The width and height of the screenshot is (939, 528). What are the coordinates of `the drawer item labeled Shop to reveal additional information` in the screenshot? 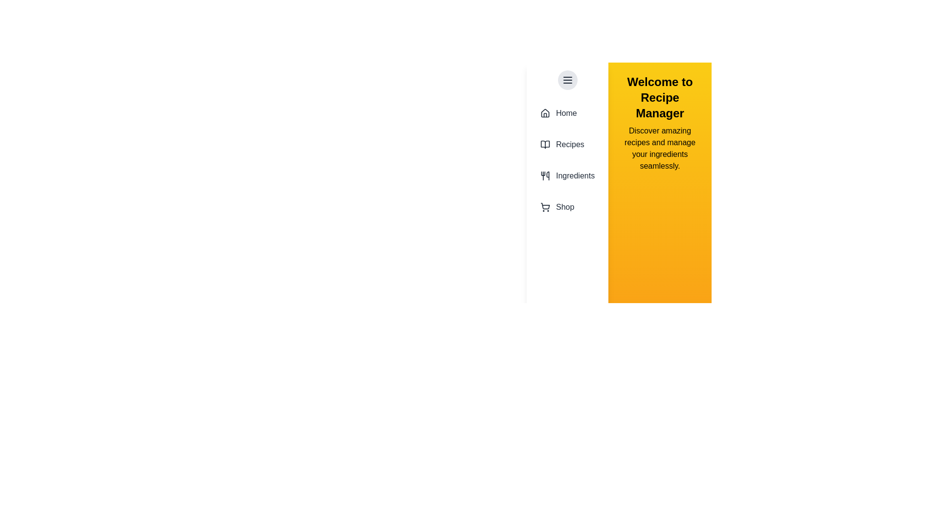 It's located at (567, 207).